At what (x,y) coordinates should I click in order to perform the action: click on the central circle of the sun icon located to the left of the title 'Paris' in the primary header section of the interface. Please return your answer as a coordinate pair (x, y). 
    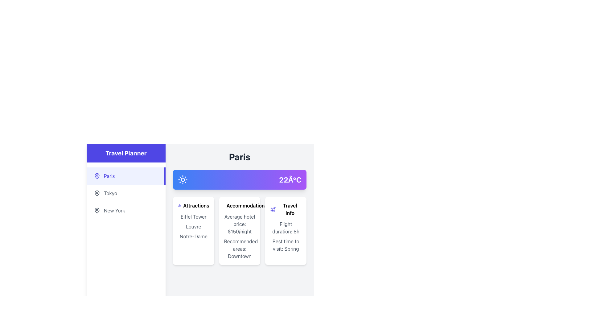
    Looking at the image, I should click on (183, 179).